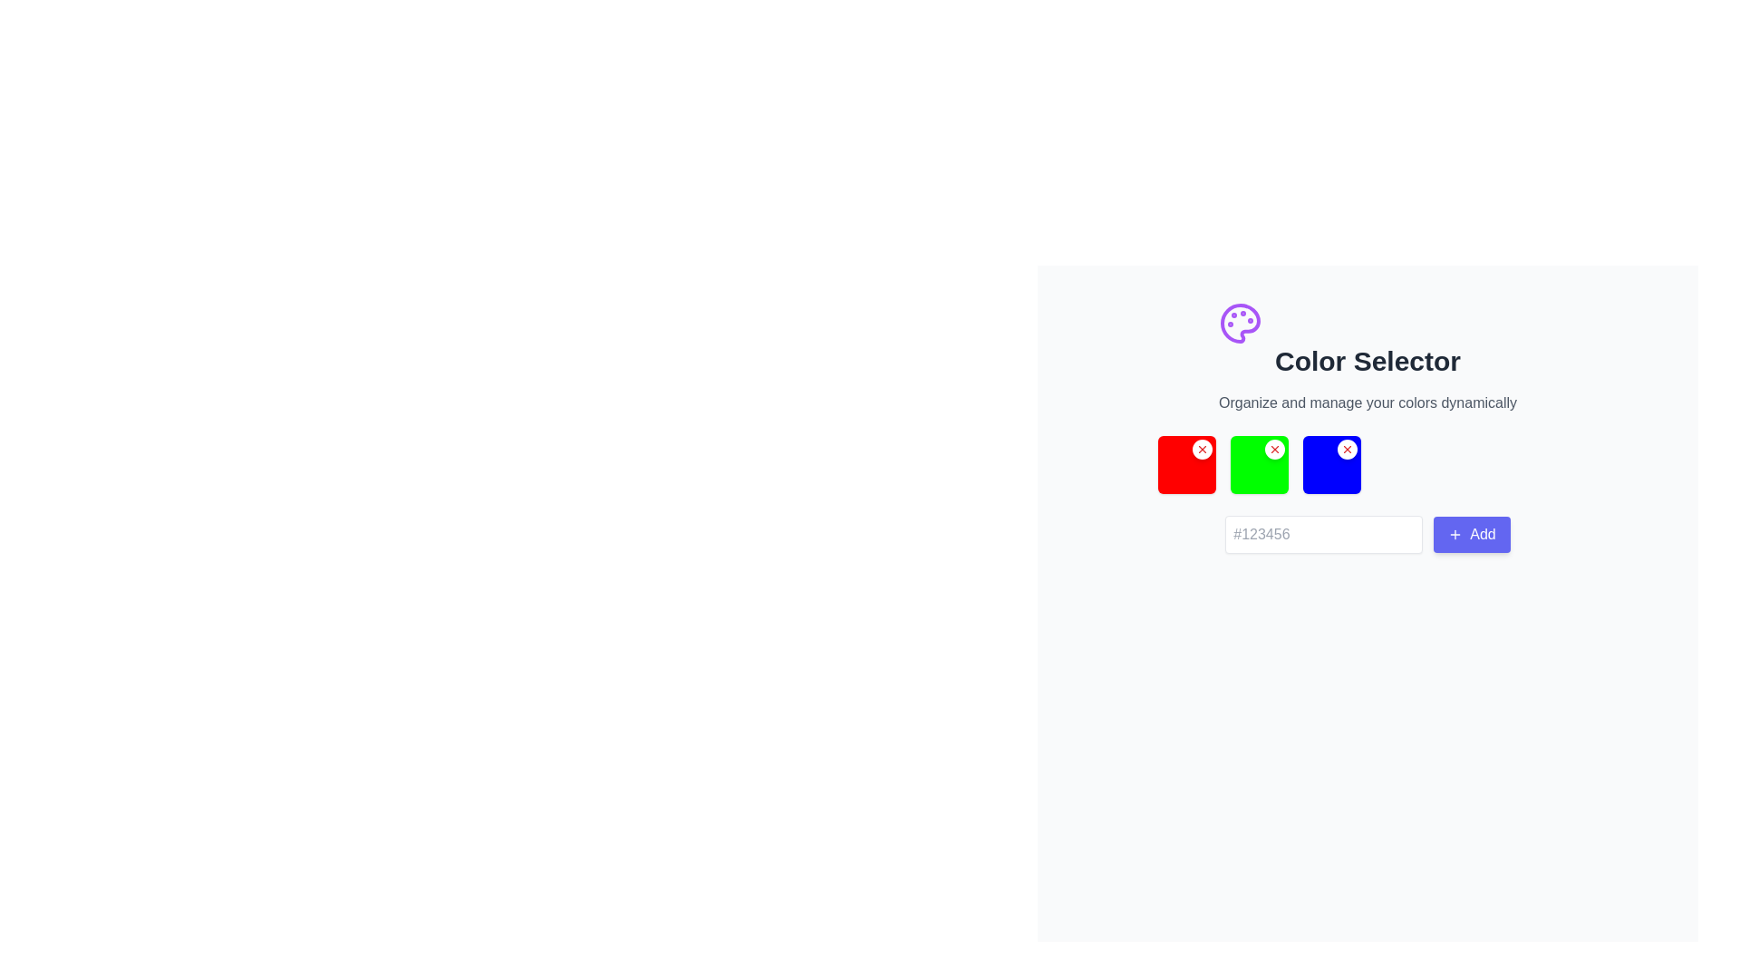  Describe the element at coordinates (1186, 464) in the screenshot. I see `on the bright red color swatch with a close button located at the leftmost side of the grid` at that location.